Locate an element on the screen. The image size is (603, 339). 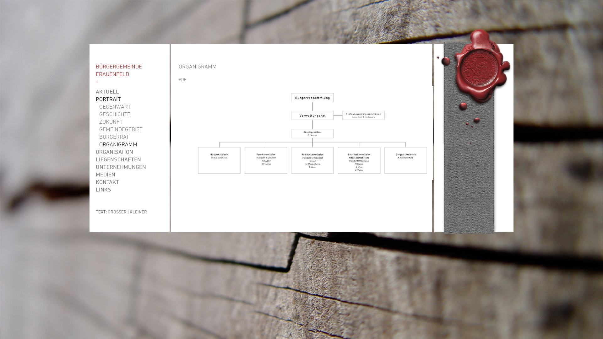
'MEDIEN' is located at coordinates (129, 174).